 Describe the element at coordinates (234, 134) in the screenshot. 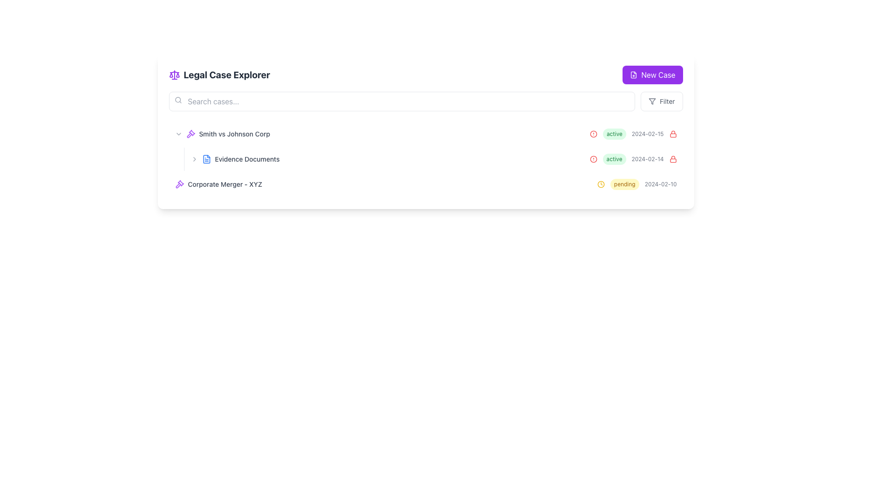

I see `the static text label that identifies a specific case or topic in the legal case management interface, located centrally in the interface, following a gavel icon and preceding a sub-list` at that location.